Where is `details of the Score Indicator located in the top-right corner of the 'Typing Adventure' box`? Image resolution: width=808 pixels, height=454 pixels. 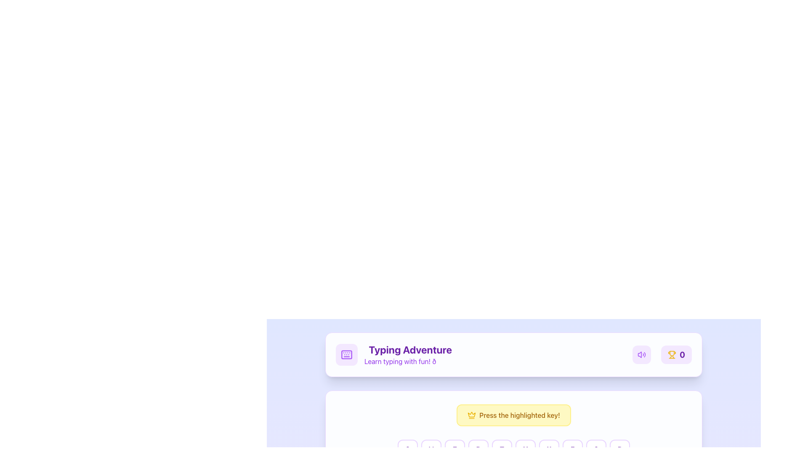 details of the Score Indicator located in the top-right corner of the 'Typing Adventure' box is located at coordinates (662, 355).